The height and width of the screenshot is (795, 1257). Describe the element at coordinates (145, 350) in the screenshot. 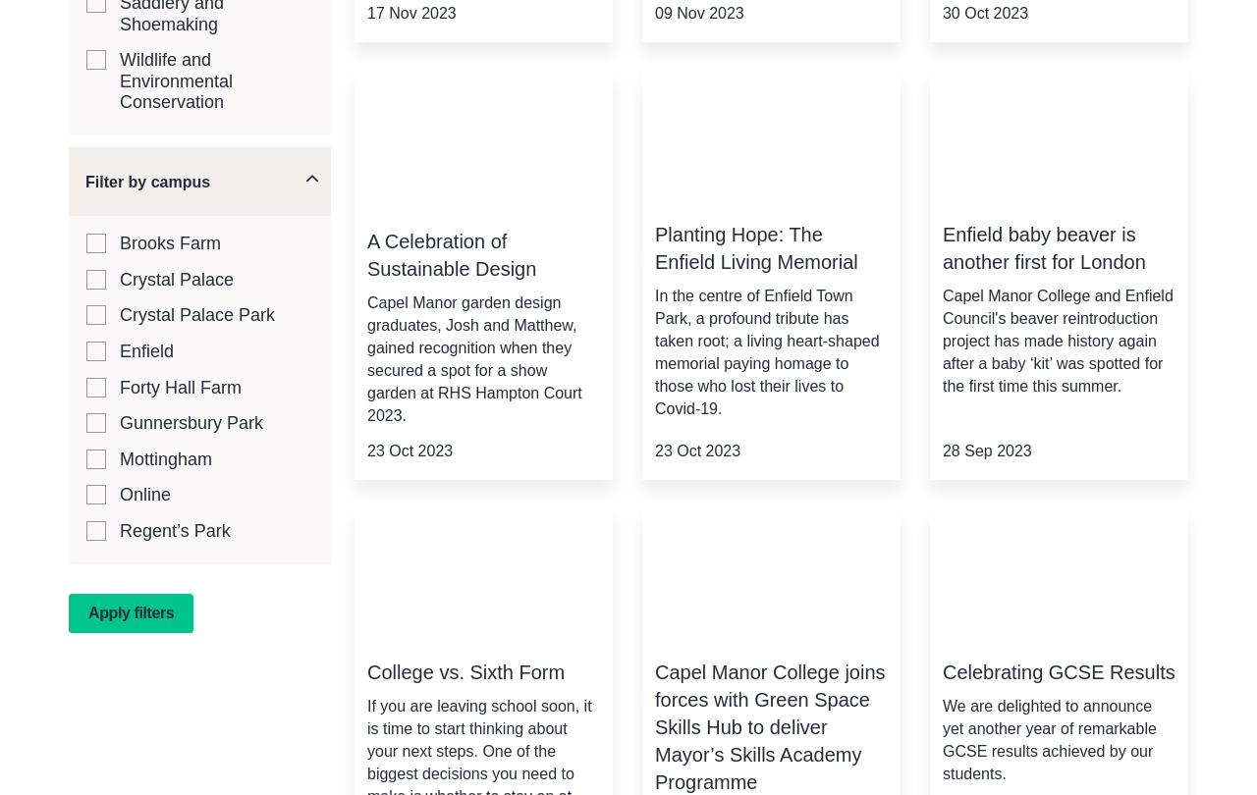

I see `'Enfield'` at that location.